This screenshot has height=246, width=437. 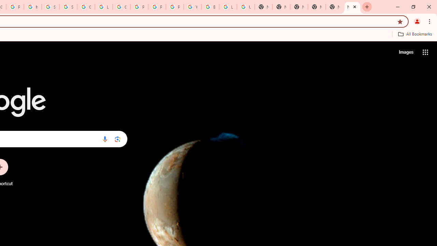 I want to click on 'Privacy Help Center - Policies Help', so click(x=157, y=7).